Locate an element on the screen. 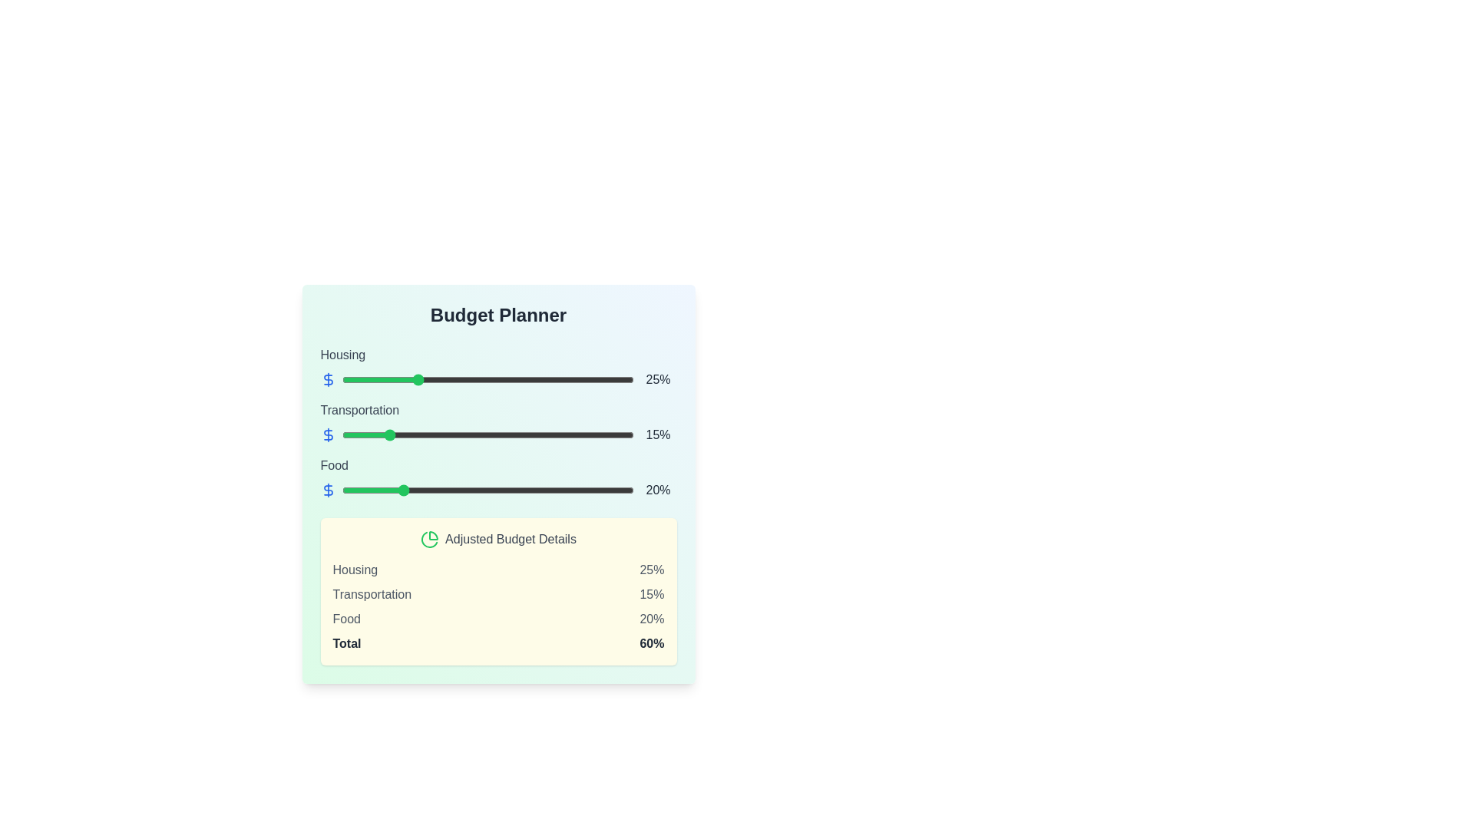 The image size is (1474, 829). the housing budget percentage is located at coordinates (421, 379).